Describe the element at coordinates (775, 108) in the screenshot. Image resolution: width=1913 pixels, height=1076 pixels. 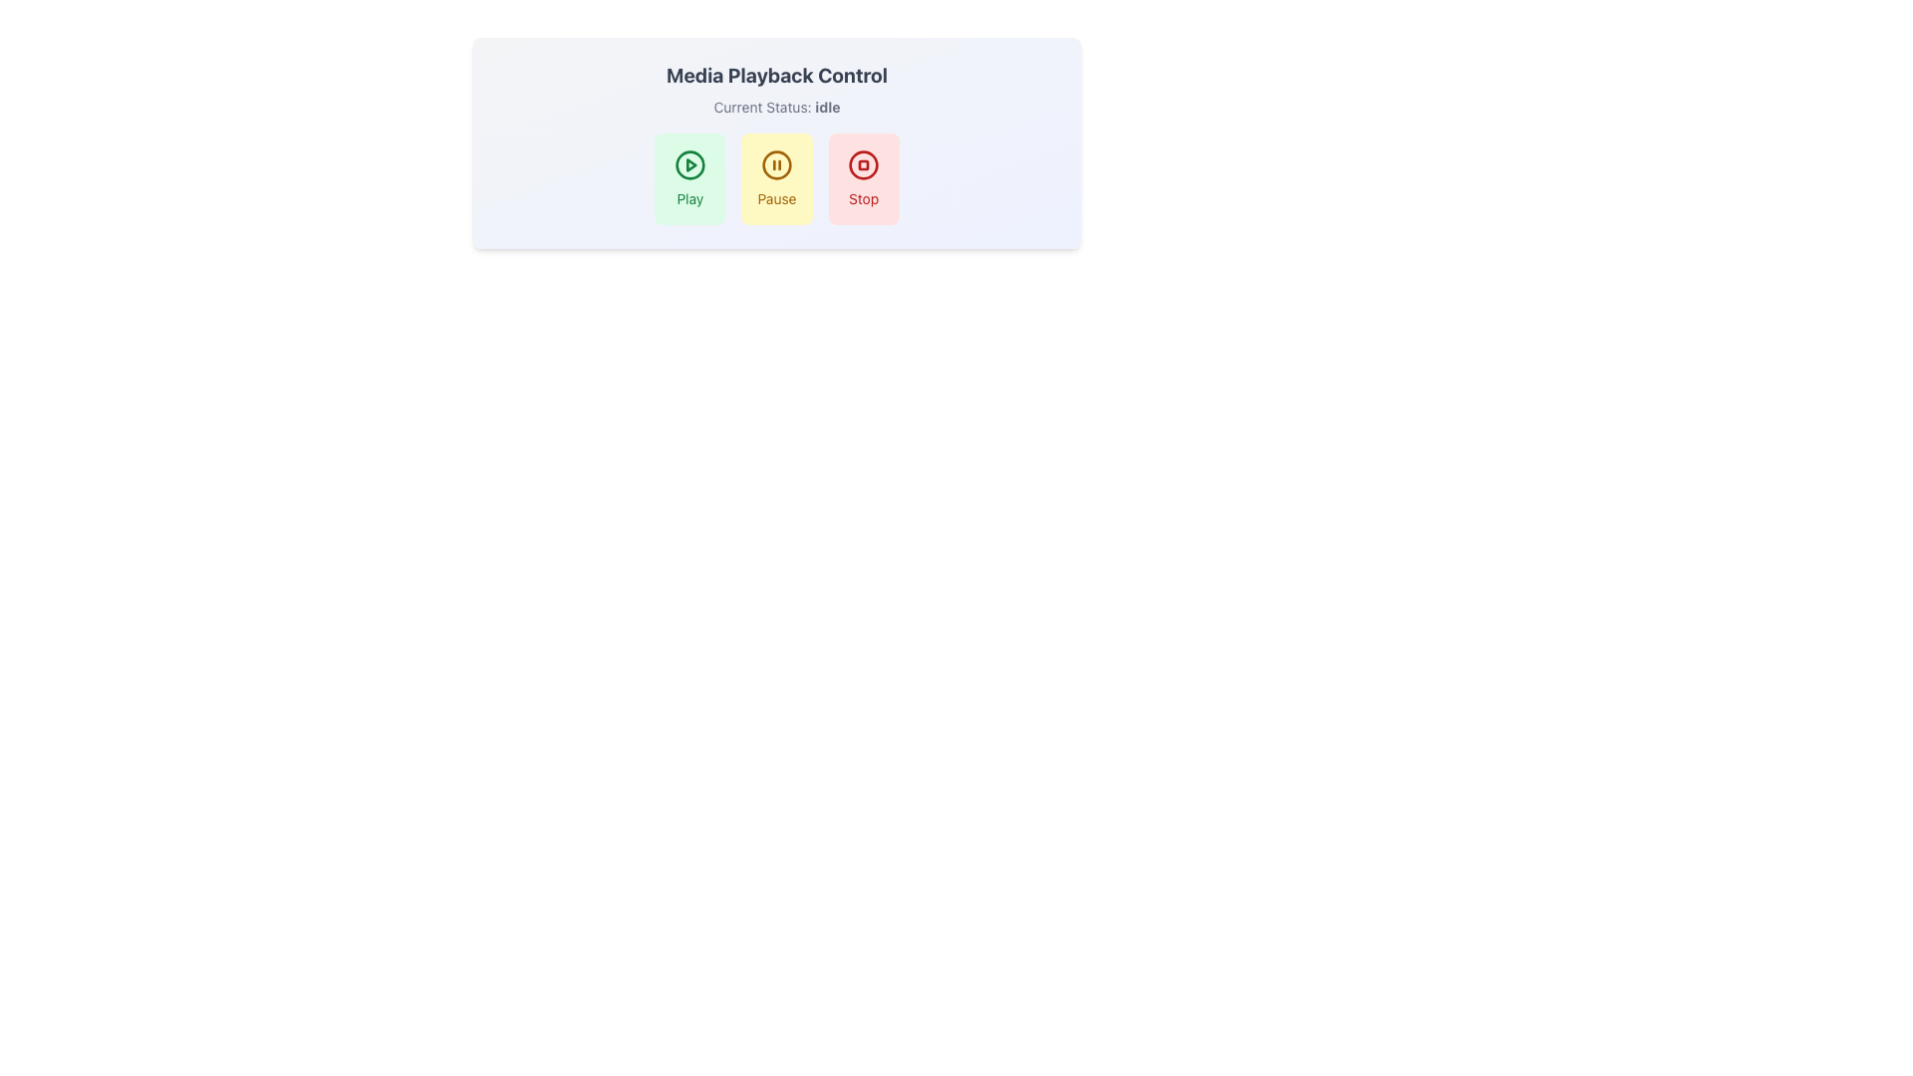
I see `the 'Current Status: idle' text label located in the Media Playback Control panel, which indicates the current state of the media playback system` at that location.